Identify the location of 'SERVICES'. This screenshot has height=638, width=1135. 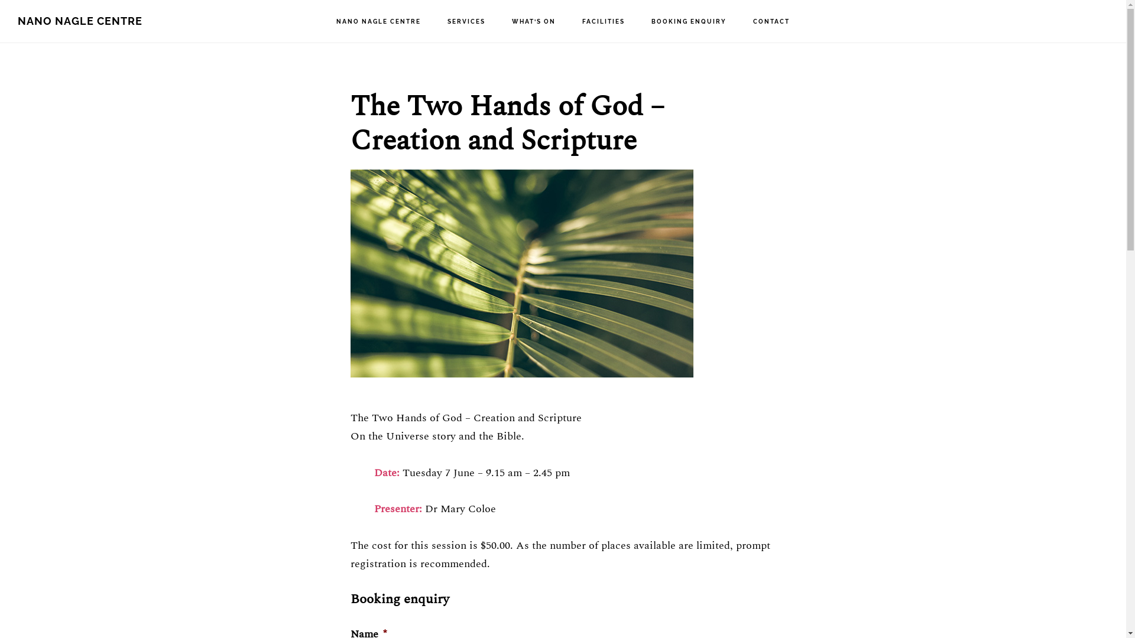
(465, 22).